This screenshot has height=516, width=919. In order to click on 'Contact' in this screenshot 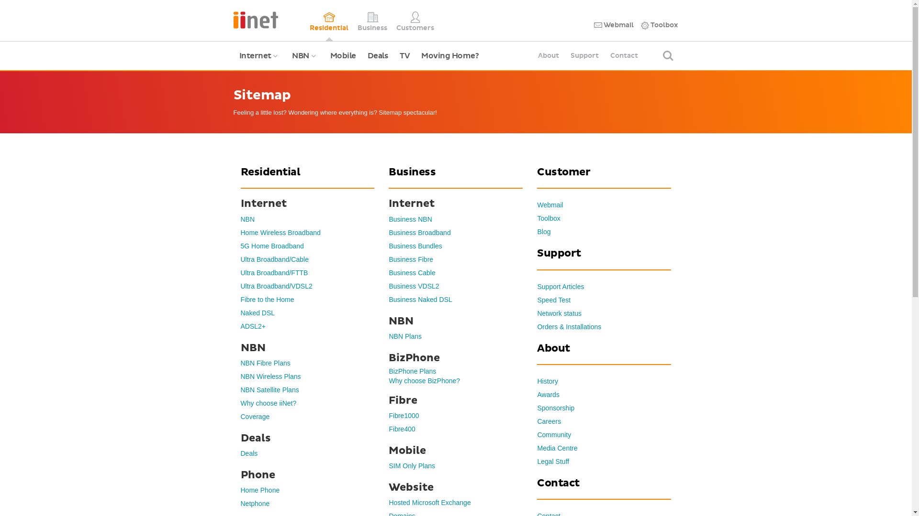, I will do `click(624, 55)`.